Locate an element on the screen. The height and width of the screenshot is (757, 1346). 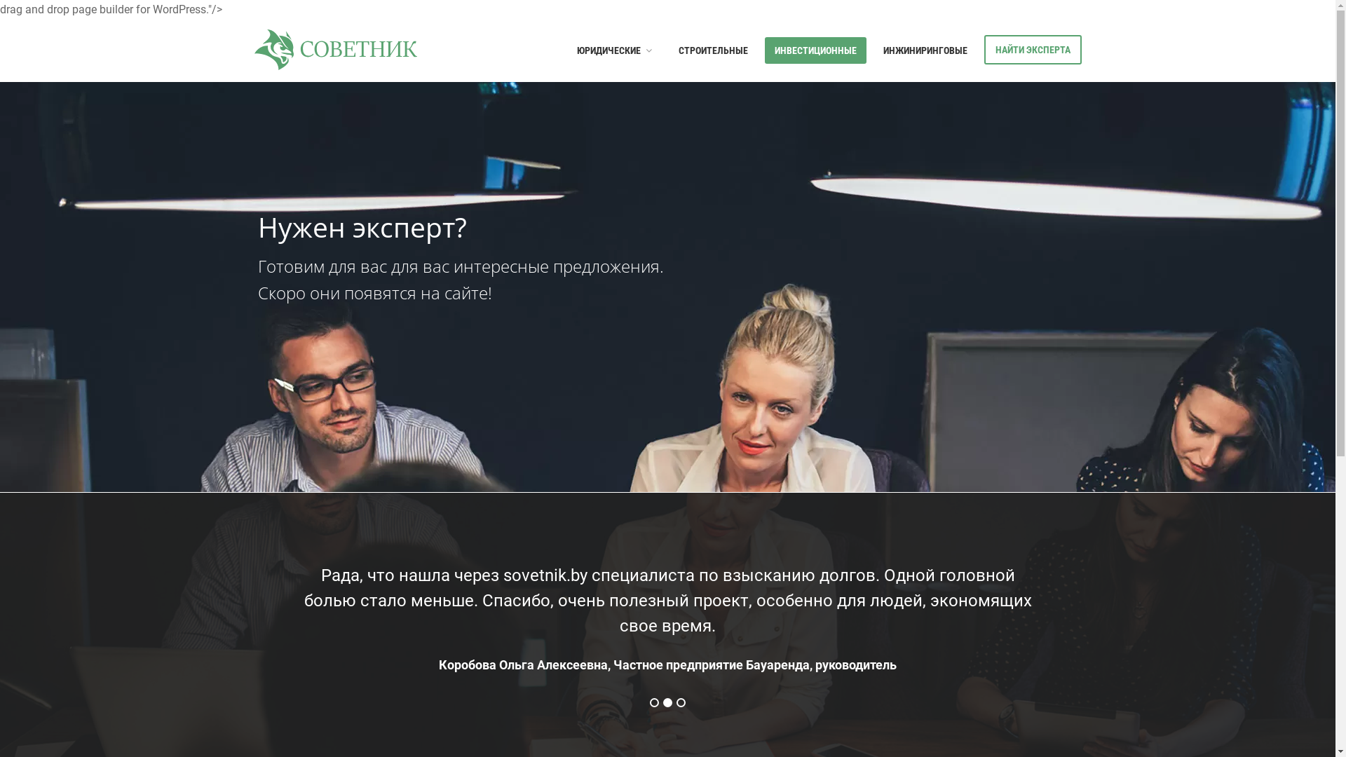
'3' is located at coordinates (681, 702).